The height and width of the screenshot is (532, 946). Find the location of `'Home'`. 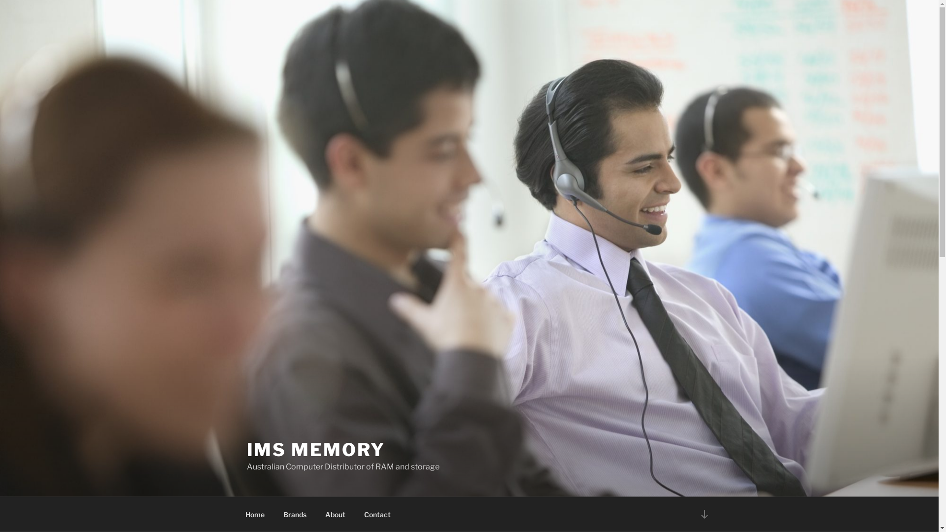

'Home' is located at coordinates (255, 514).